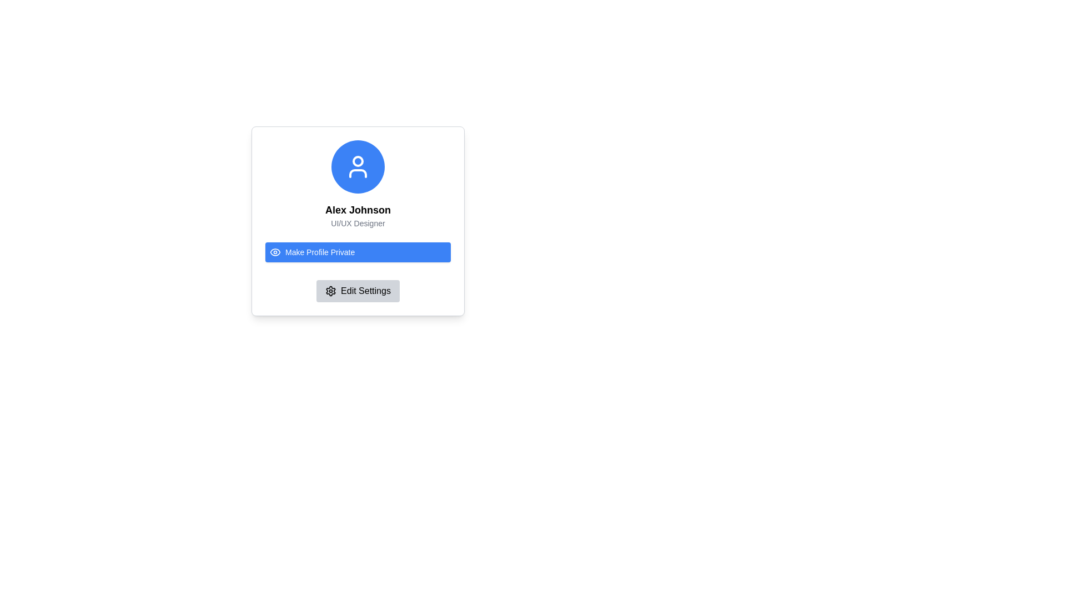 This screenshot has width=1066, height=599. What do you see at coordinates (358, 161) in the screenshot?
I see `the circular graphic element representing the head of the user avatar, which is centrally positioned within the SVG graphic of the avatar` at bounding box center [358, 161].